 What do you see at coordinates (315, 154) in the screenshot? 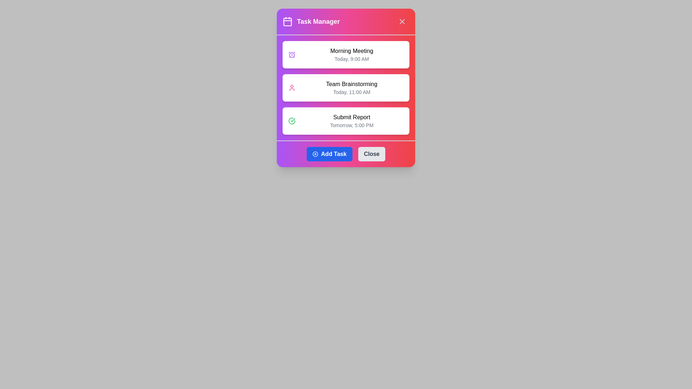
I see `the 'Add Task' button which features an SVG icon representing the action` at bounding box center [315, 154].